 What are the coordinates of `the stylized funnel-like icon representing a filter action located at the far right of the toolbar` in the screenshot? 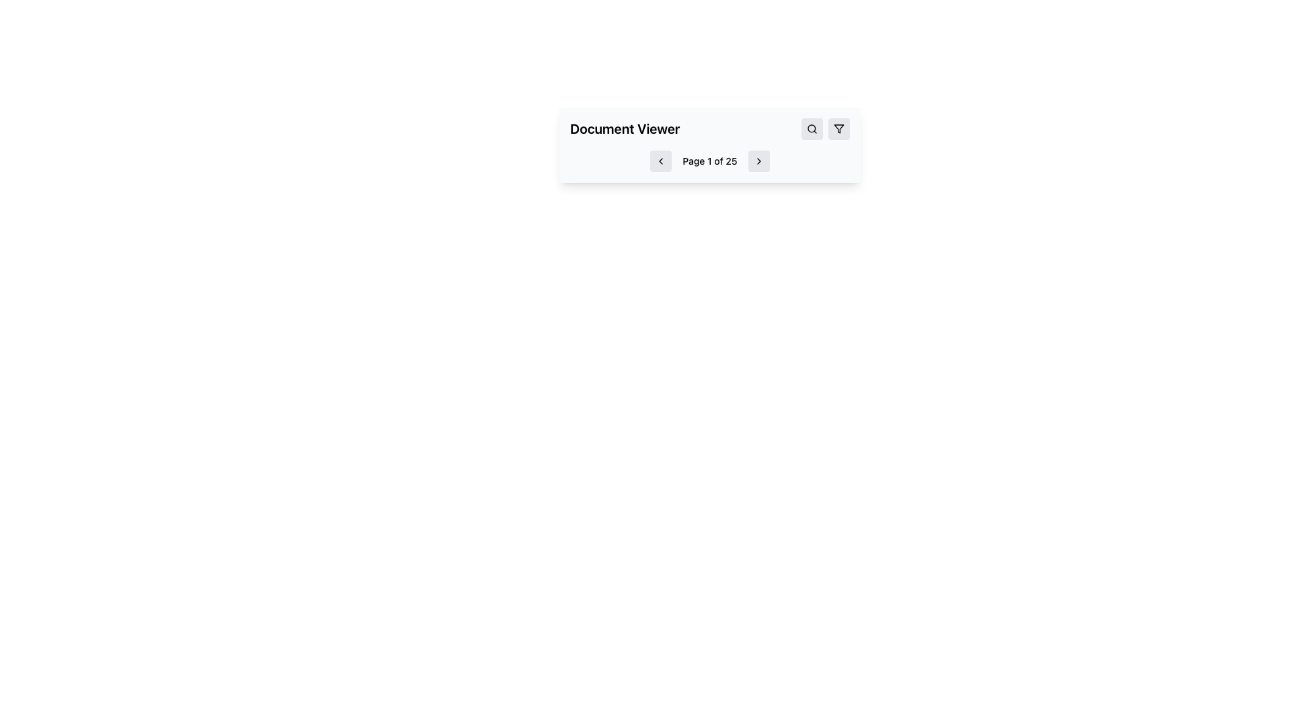 It's located at (838, 129).